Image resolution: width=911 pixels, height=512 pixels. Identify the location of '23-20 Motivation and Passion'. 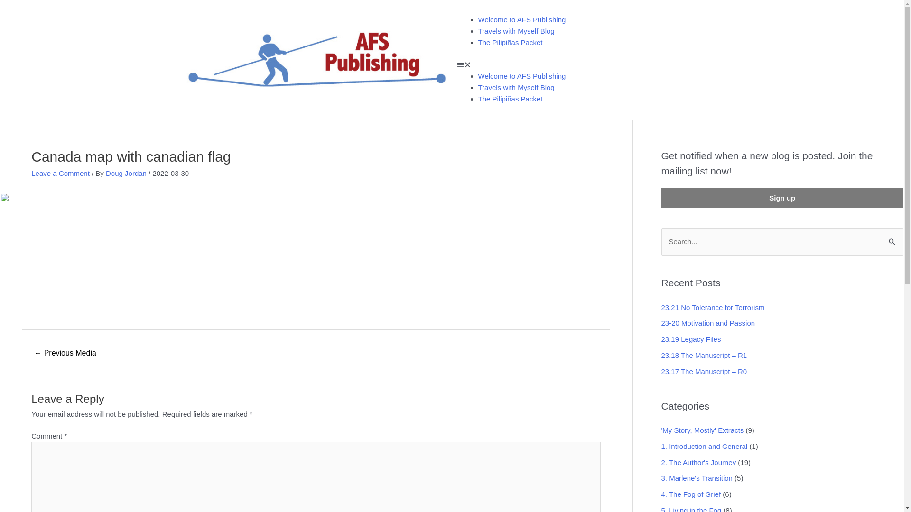
(708, 322).